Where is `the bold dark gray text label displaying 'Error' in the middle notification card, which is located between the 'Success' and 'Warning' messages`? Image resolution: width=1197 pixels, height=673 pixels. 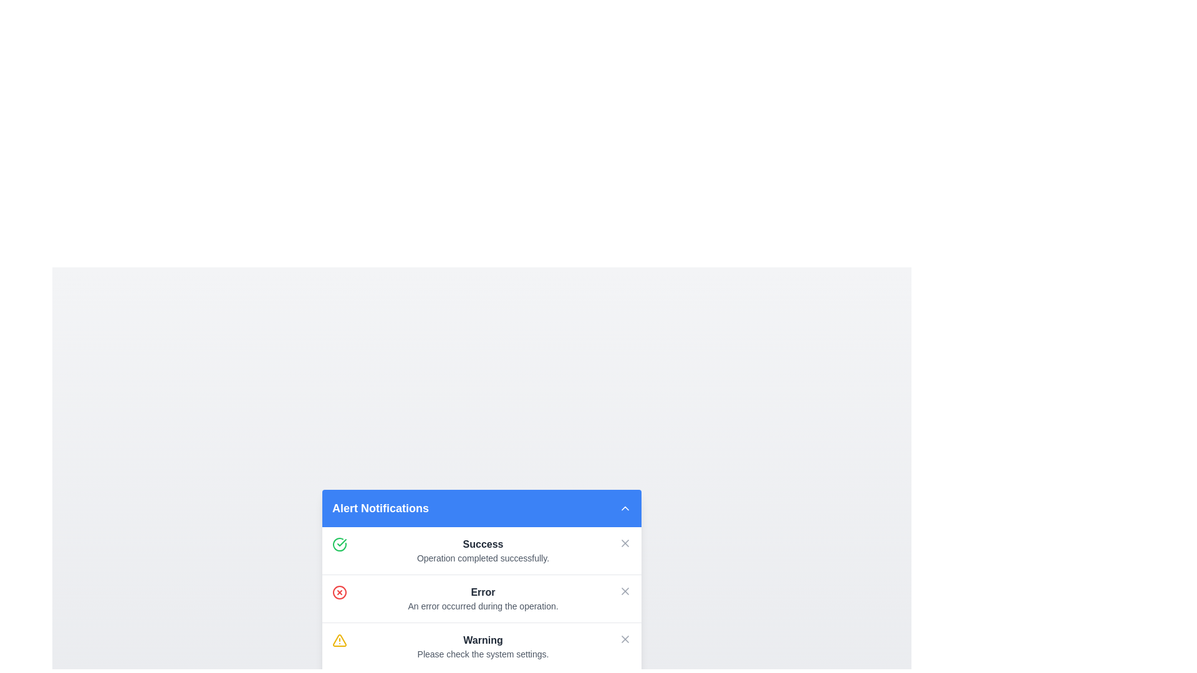 the bold dark gray text label displaying 'Error' in the middle notification card, which is located between the 'Success' and 'Warning' messages is located at coordinates (482, 591).